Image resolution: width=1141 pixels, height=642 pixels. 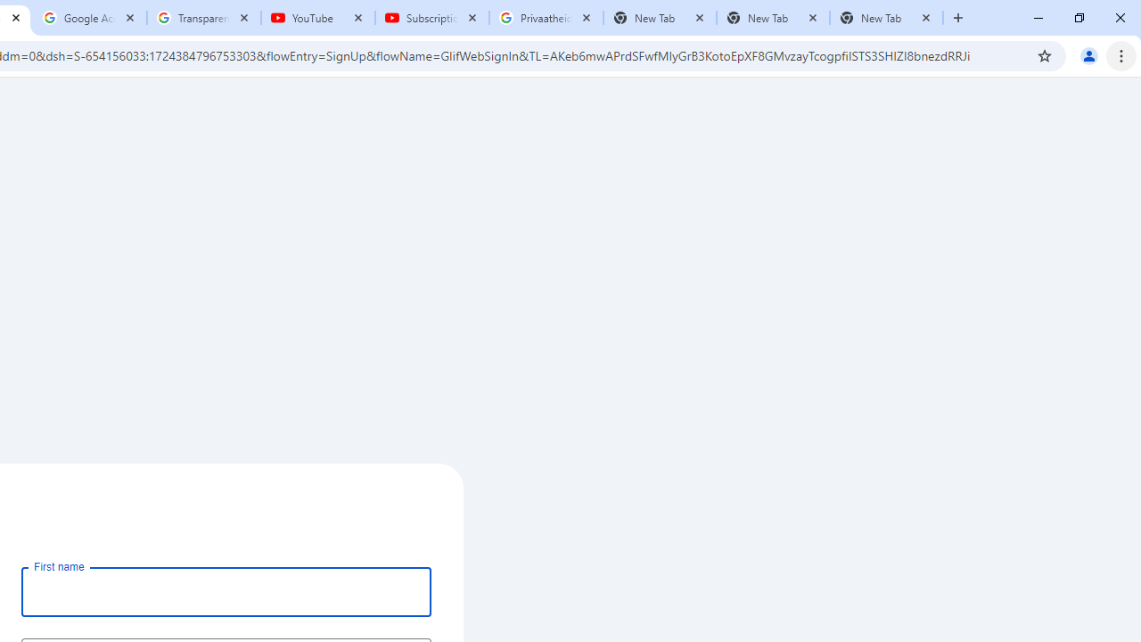 What do you see at coordinates (318, 18) in the screenshot?
I see `'YouTube'` at bounding box center [318, 18].